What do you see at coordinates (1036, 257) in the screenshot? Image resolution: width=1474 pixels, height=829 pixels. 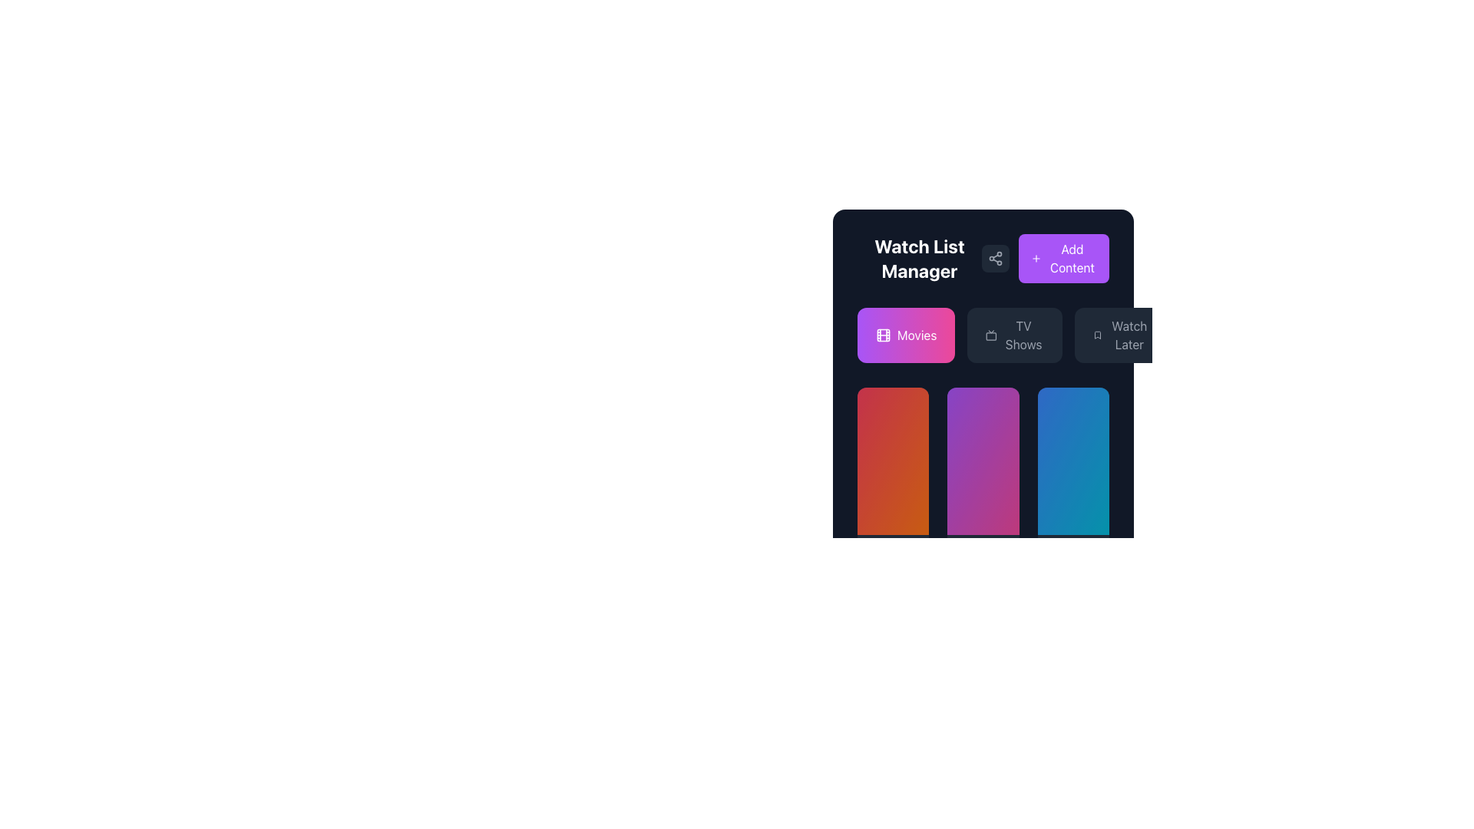 I see `the small purple square button with a white plus sign icon, which is part of the 'Add Content' section in the header area` at bounding box center [1036, 257].